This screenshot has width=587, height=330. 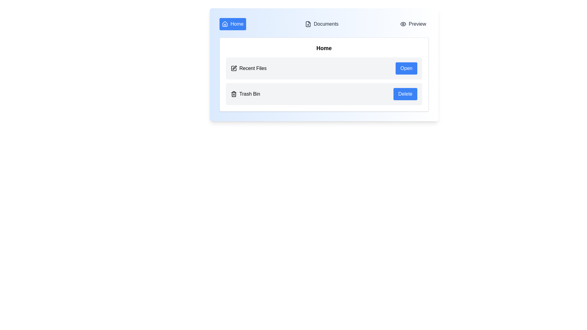 I want to click on on the 'Documents' navigation link, which is a text label with a file icon, located in the horizontal navigation bar between 'Home' and 'Preview', so click(x=321, y=24).